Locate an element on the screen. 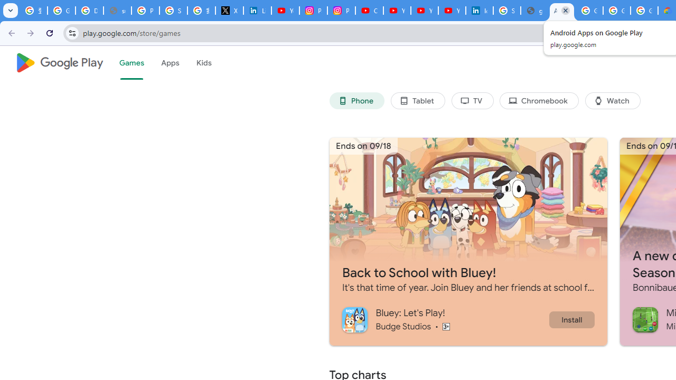  'X' is located at coordinates (229, 11).